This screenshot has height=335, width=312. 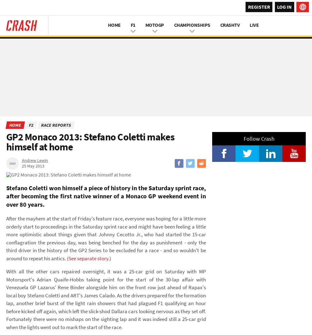 What do you see at coordinates (15, 125) in the screenshot?
I see `'Home'` at bounding box center [15, 125].